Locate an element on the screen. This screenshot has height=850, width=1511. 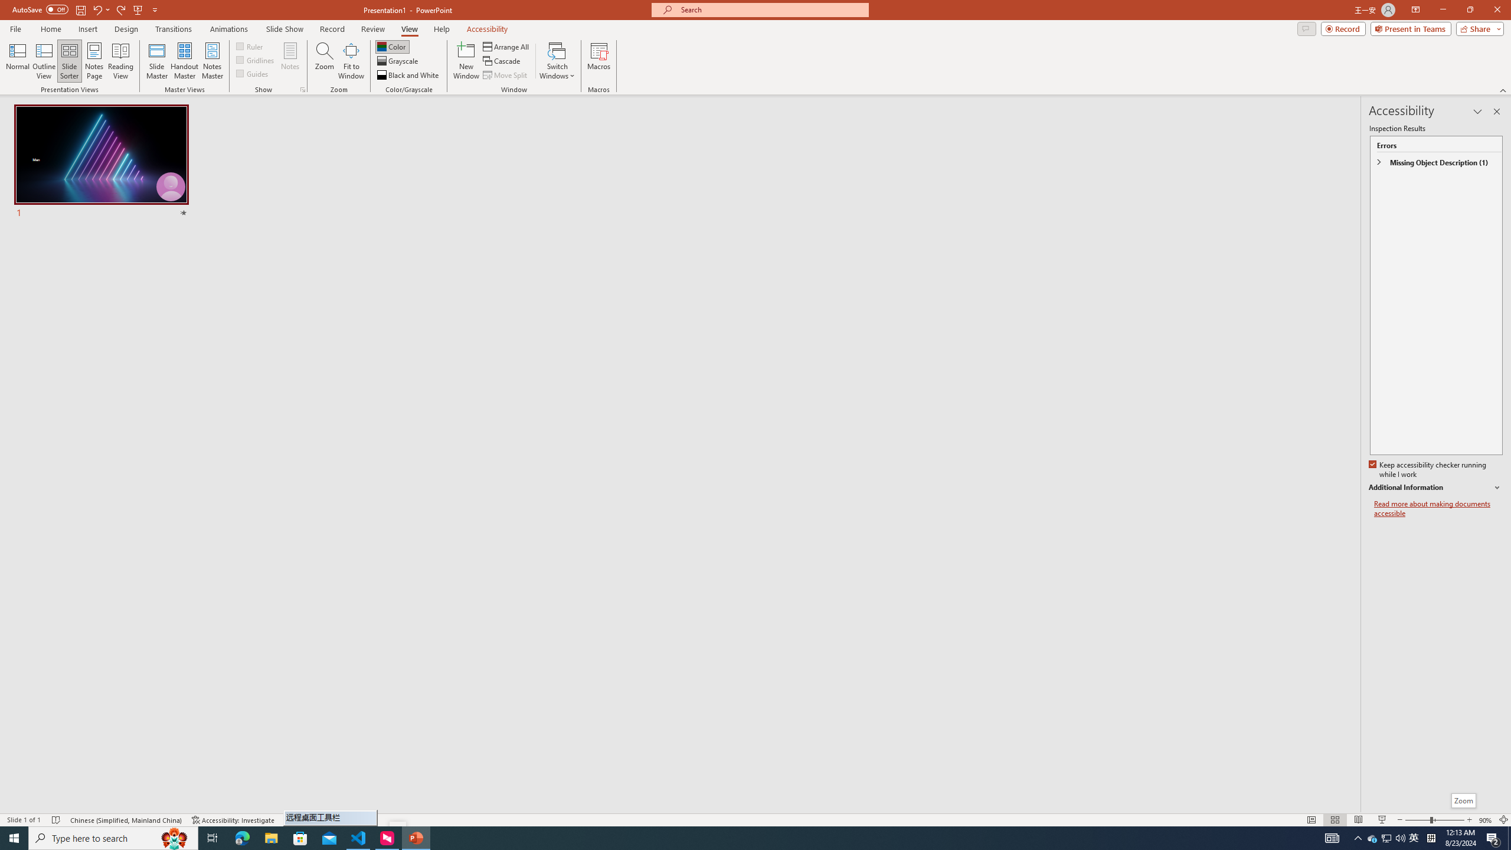
'Grid Settings...' is located at coordinates (303, 89).